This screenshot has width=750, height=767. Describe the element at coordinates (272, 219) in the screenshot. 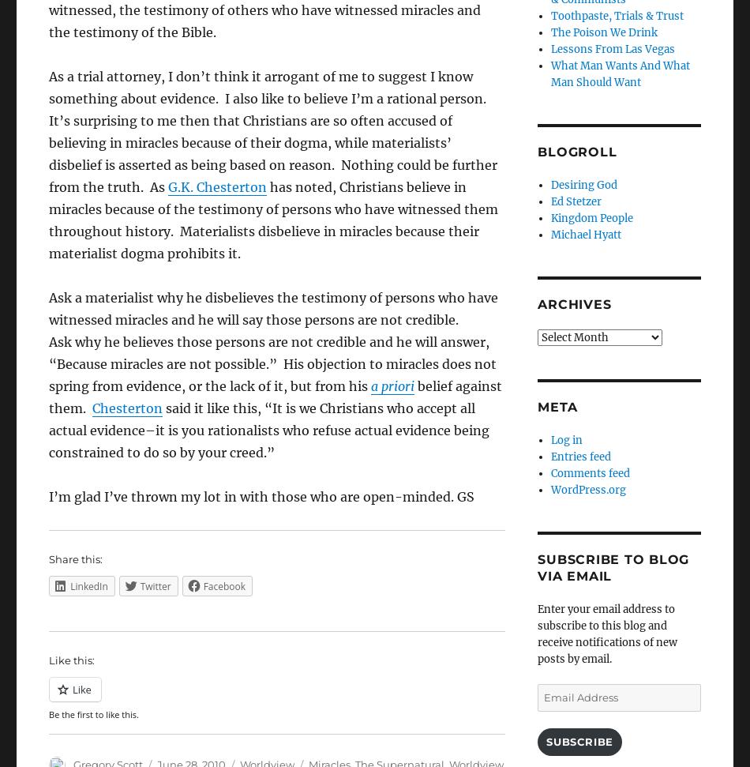

I see `'has noted, Christians believe in miracles because of the testimony of persons who have witnessed them throughout history.  Materialists disbelieve in miracles because their materialist dogma prohibits it.'` at that location.